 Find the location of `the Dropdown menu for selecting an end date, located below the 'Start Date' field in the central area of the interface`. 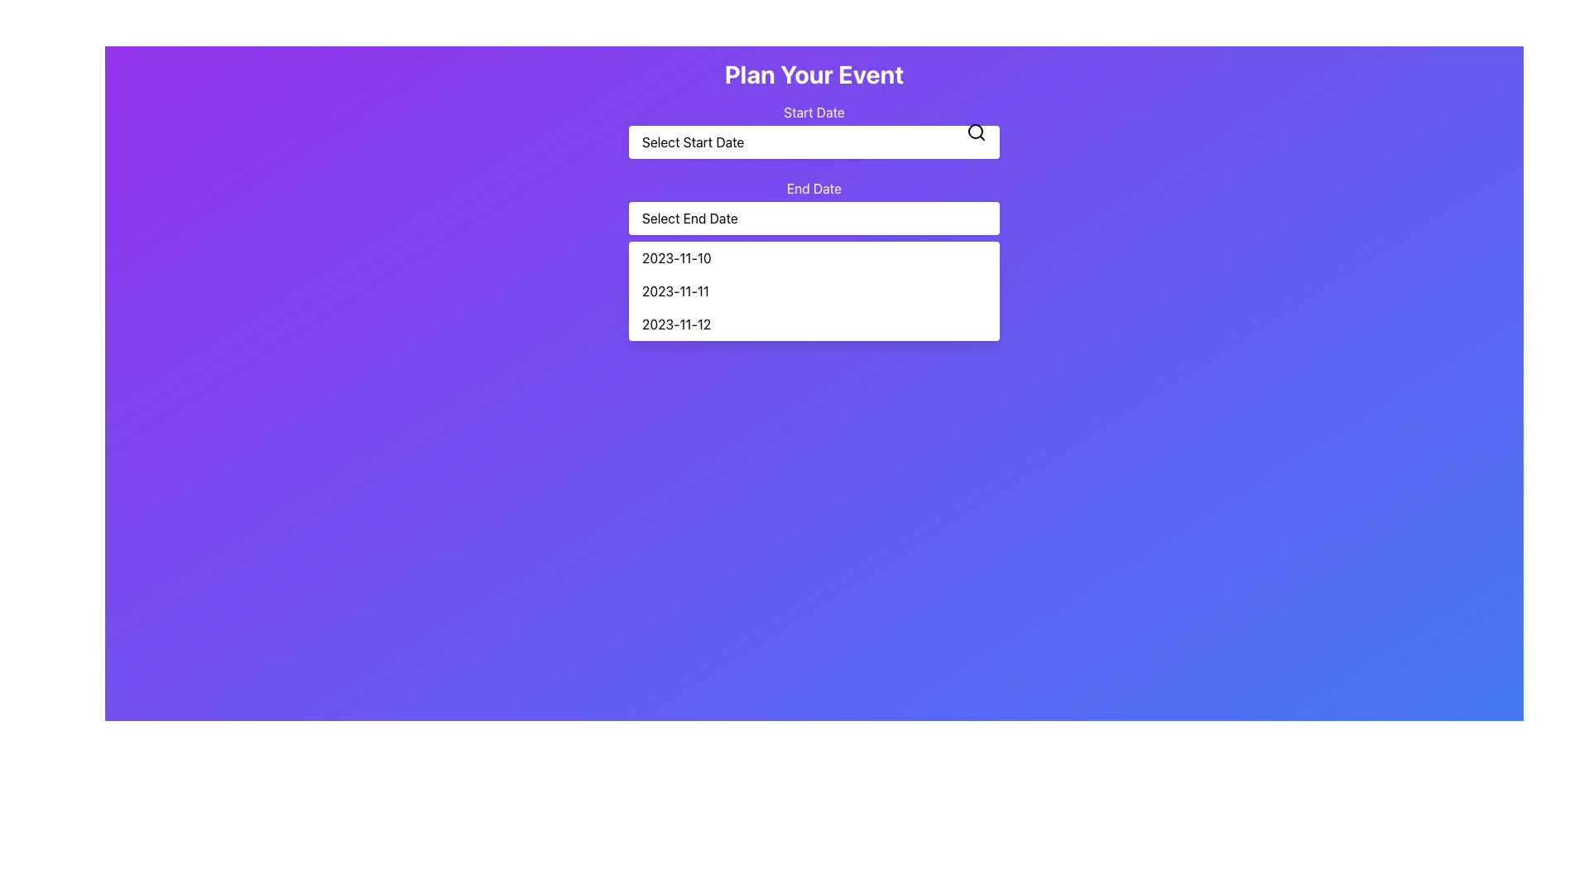

the Dropdown menu for selecting an end date, located below the 'Start Date' field in the central area of the interface is located at coordinates (814, 206).